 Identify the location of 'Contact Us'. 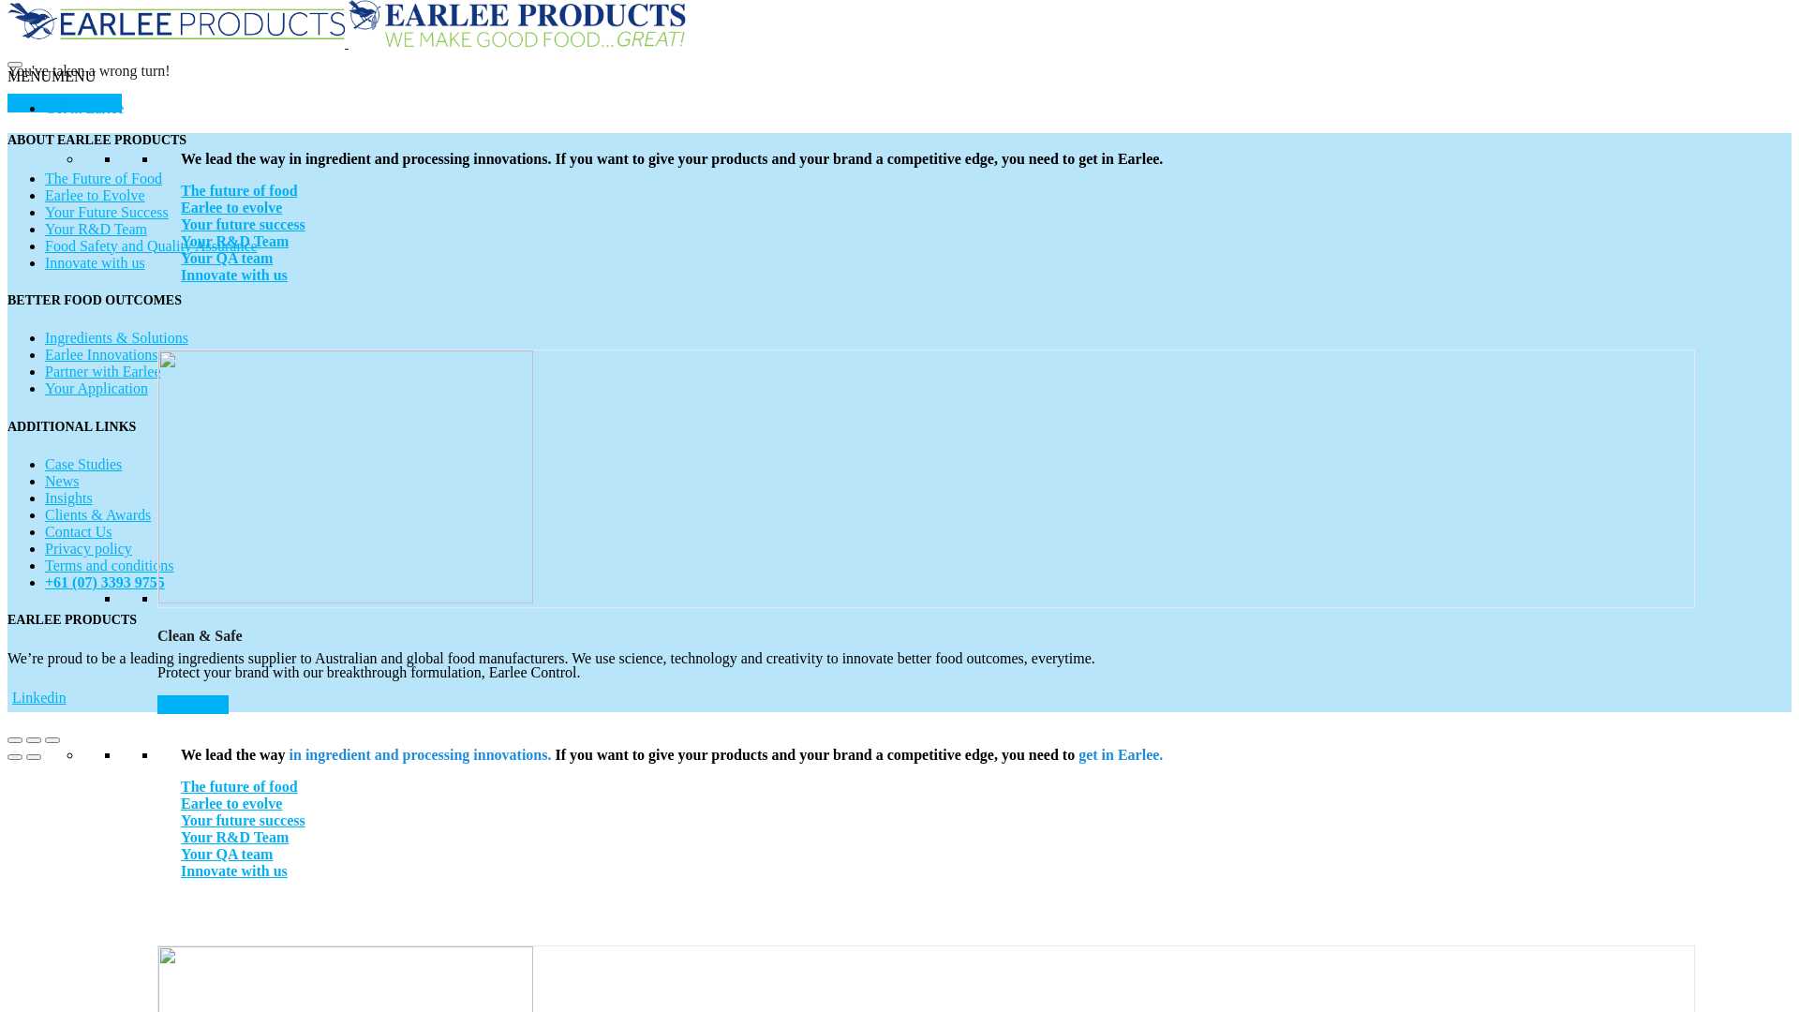
(77, 531).